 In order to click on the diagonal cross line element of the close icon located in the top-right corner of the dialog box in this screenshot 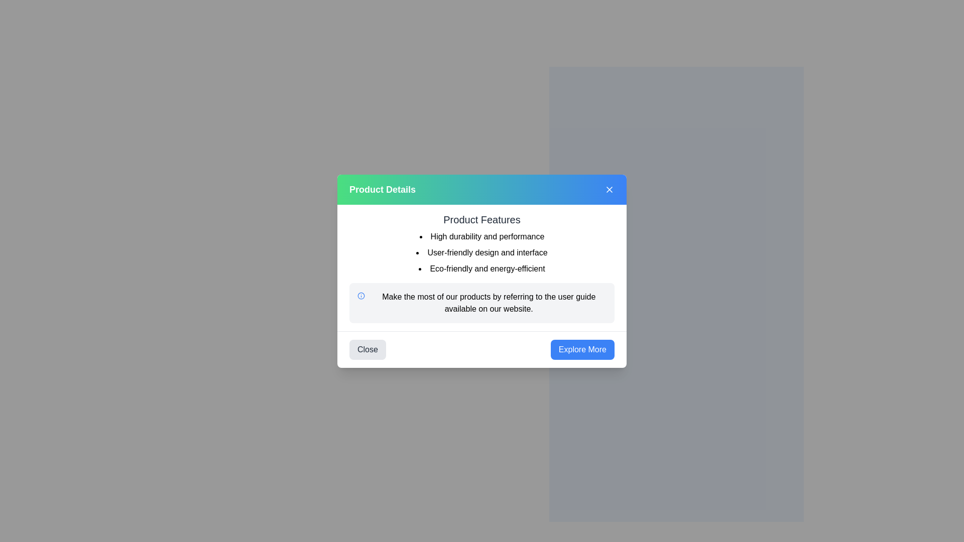, I will do `click(609, 189)`.